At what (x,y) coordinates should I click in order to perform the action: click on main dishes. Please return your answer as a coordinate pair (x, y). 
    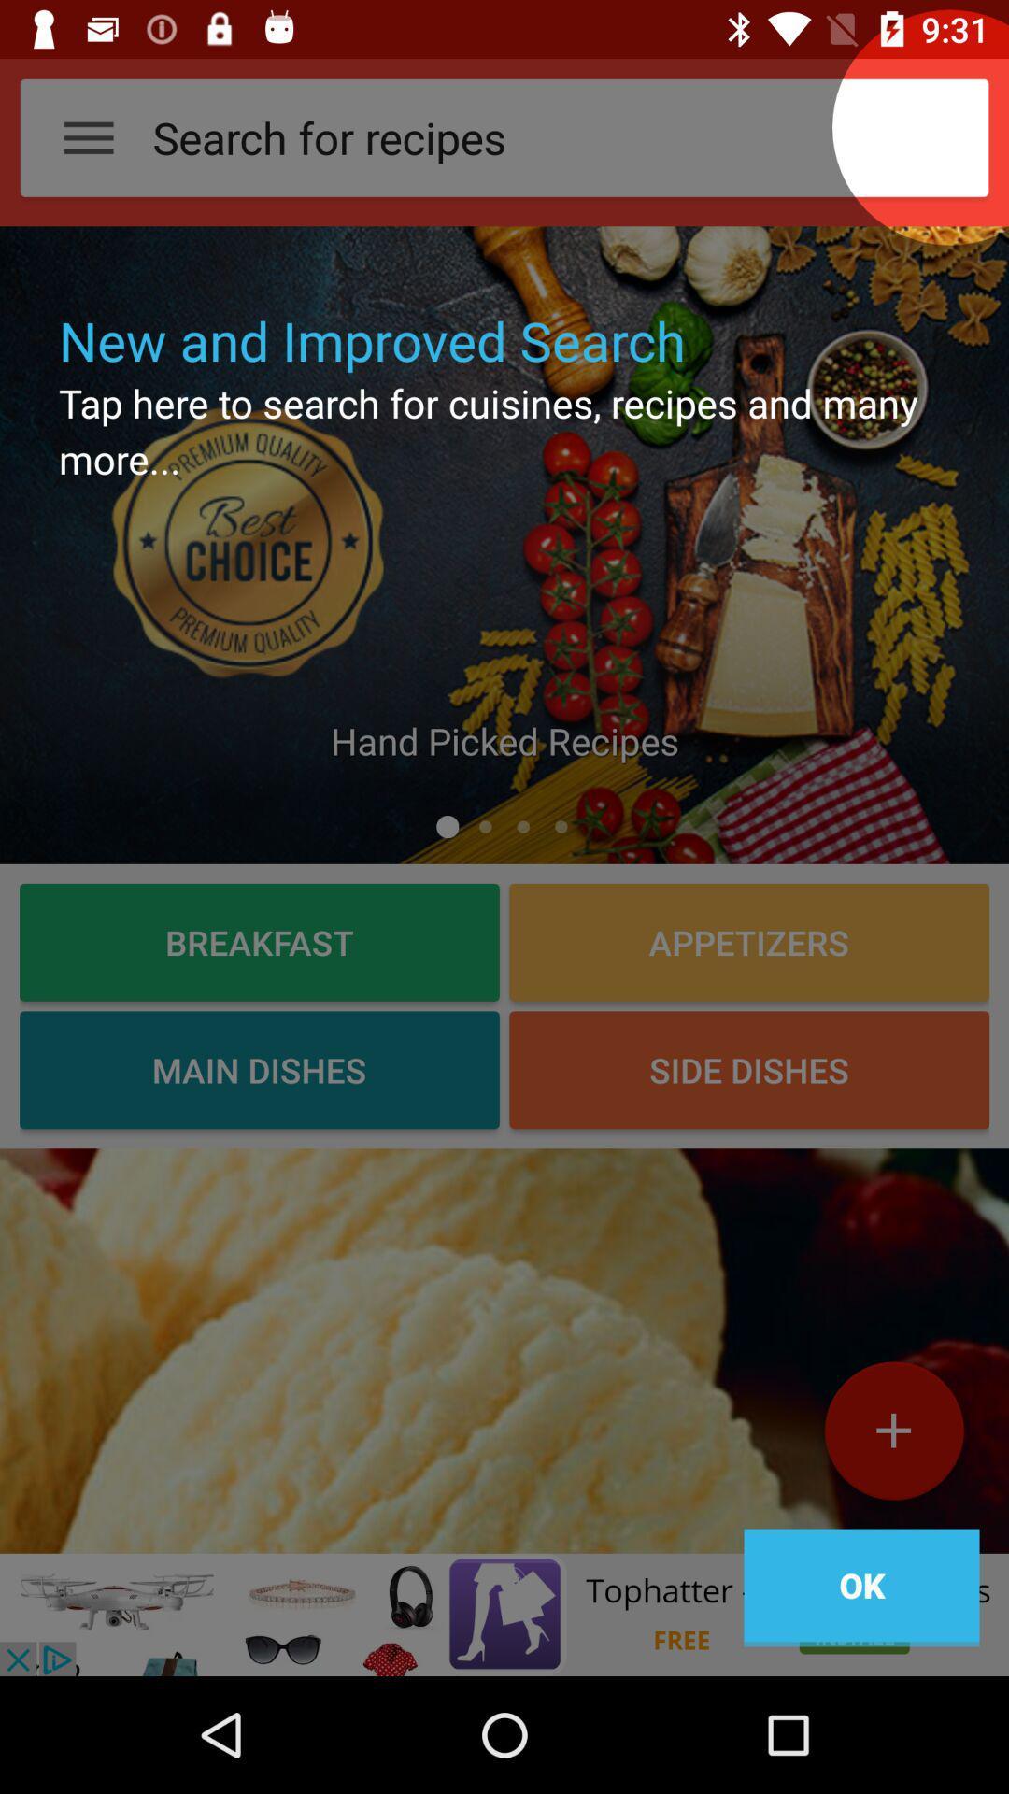
    Looking at the image, I should click on (259, 1070).